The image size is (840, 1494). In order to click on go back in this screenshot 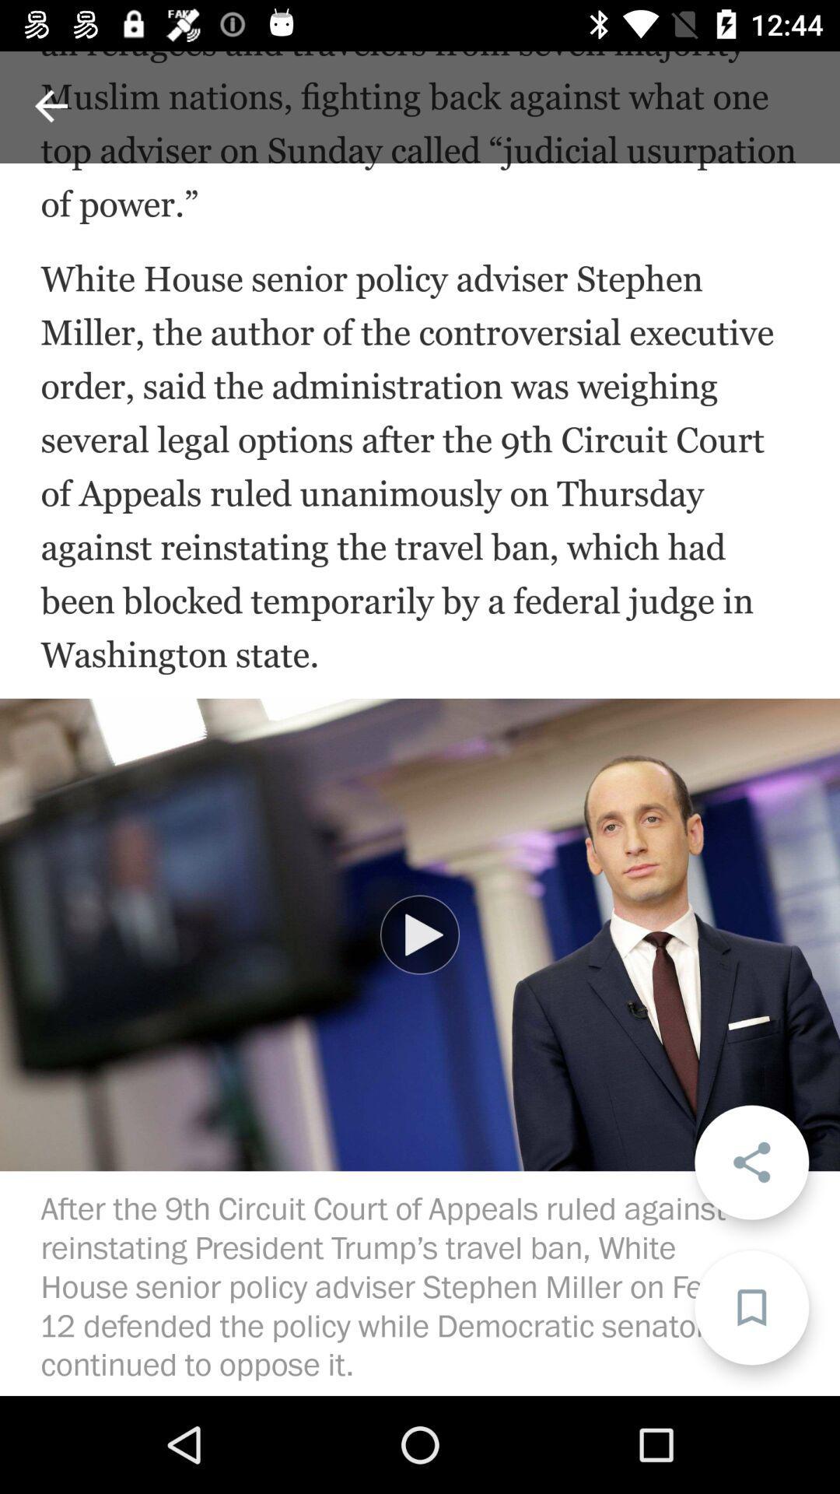, I will do `click(50, 105)`.